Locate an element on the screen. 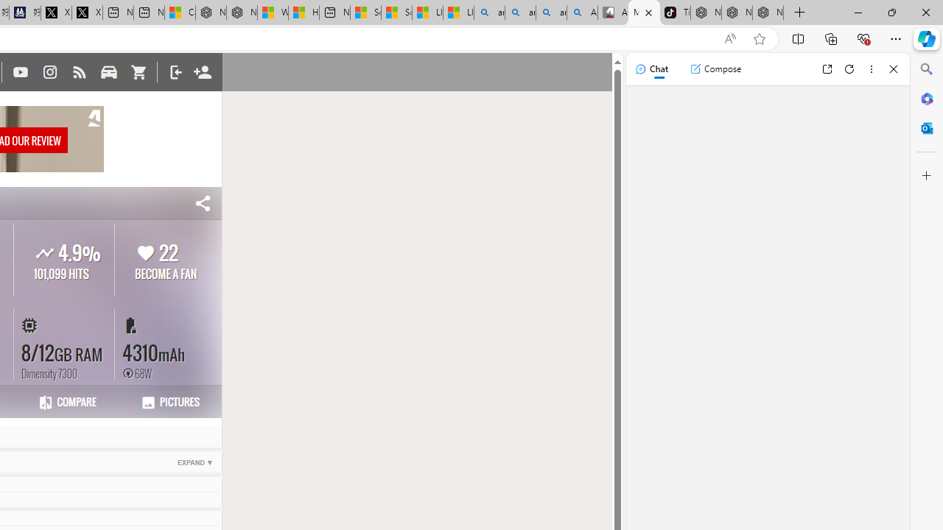 The width and height of the screenshot is (943, 530). 'Open link in new tab' is located at coordinates (827, 68).